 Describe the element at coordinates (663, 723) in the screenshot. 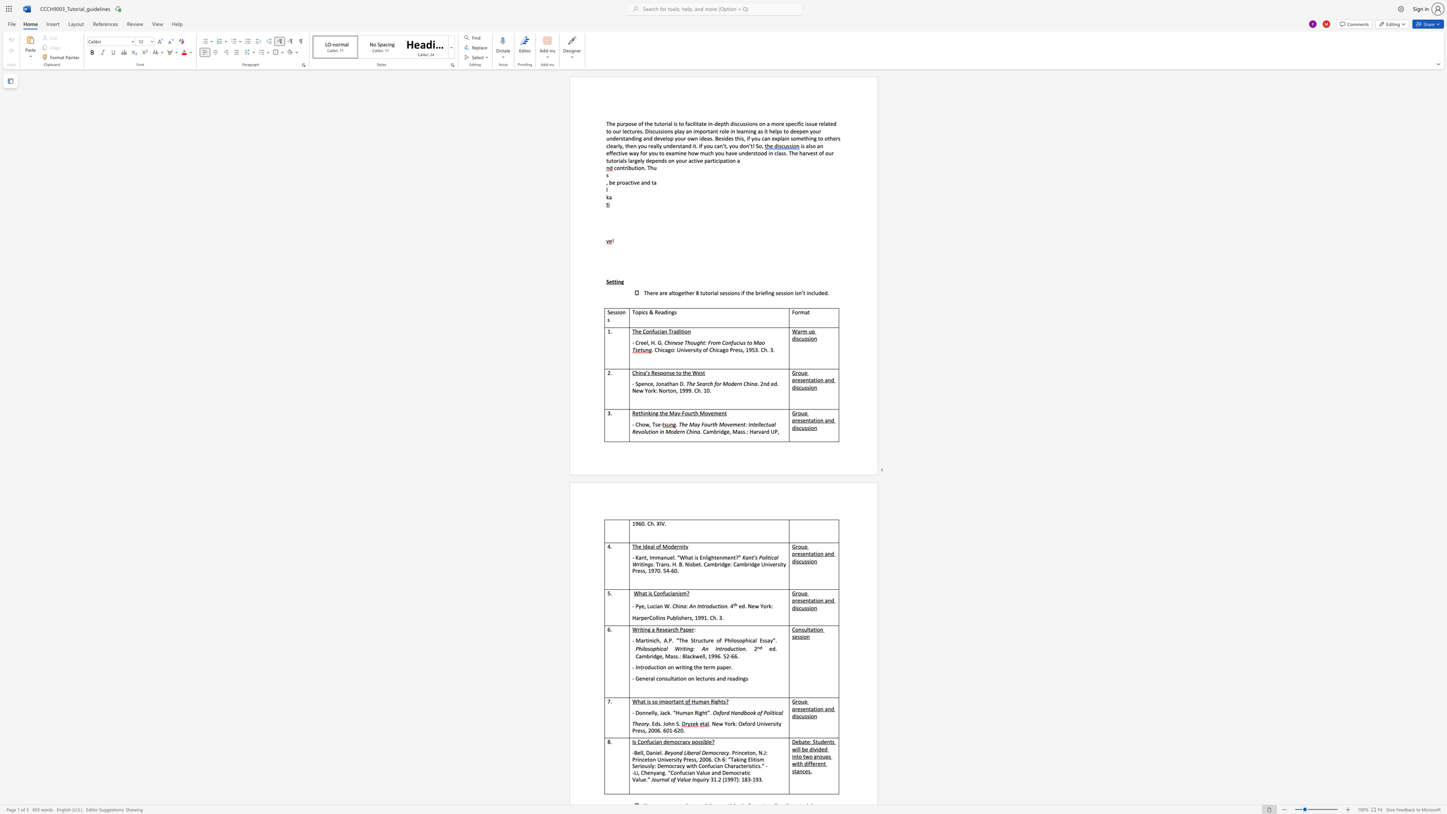

I see `the subset text "John S" within the text ". Eds. John S."` at that location.